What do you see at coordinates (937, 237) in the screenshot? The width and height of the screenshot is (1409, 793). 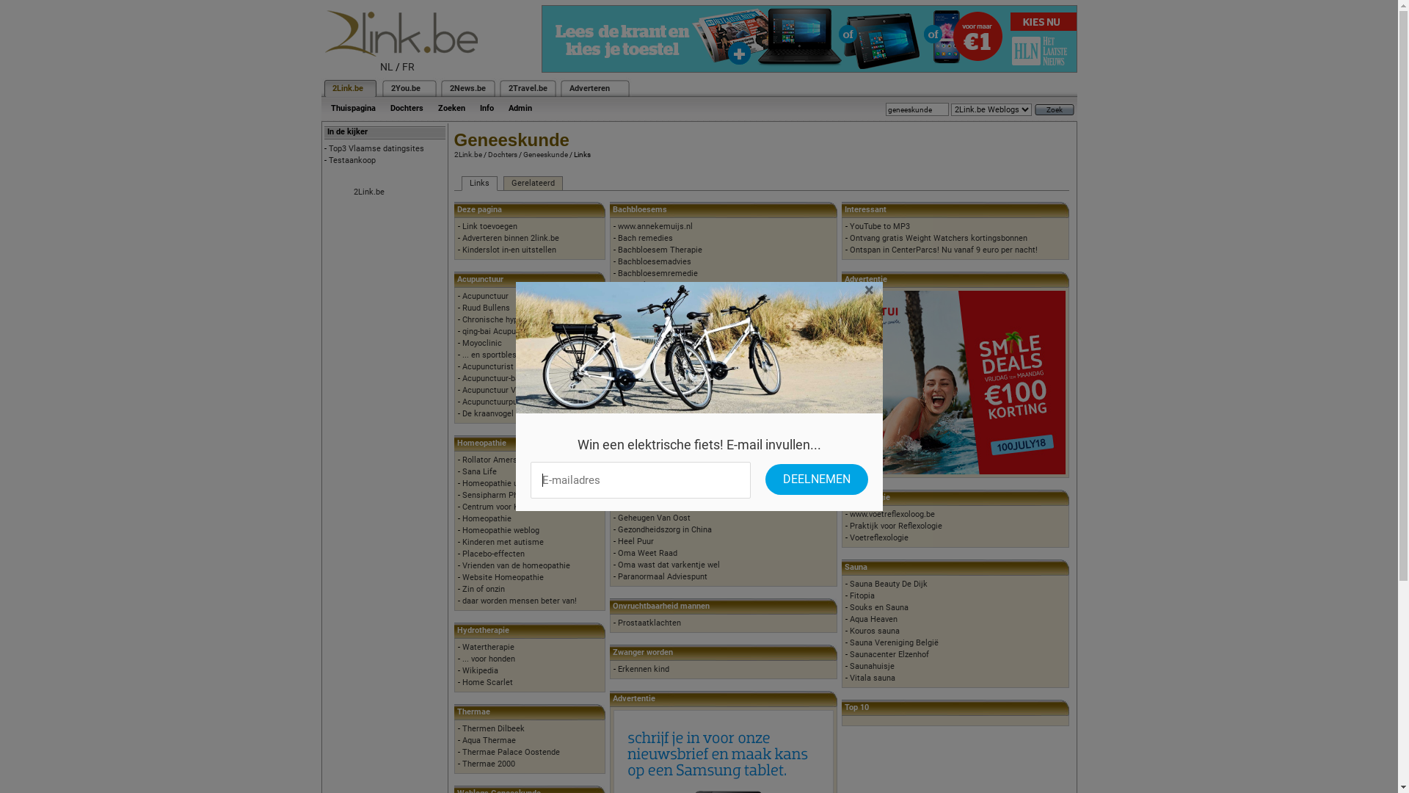 I see `'Ontvang gratis Weight Watchers kortingsbonnen'` at bounding box center [937, 237].